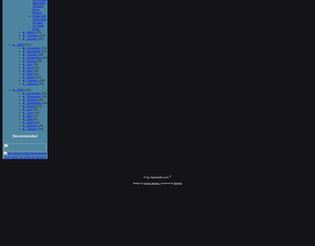 The height and width of the screenshot is (246, 315). Describe the element at coordinates (36, 73) in the screenshot. I see `'(32)'` at that location.